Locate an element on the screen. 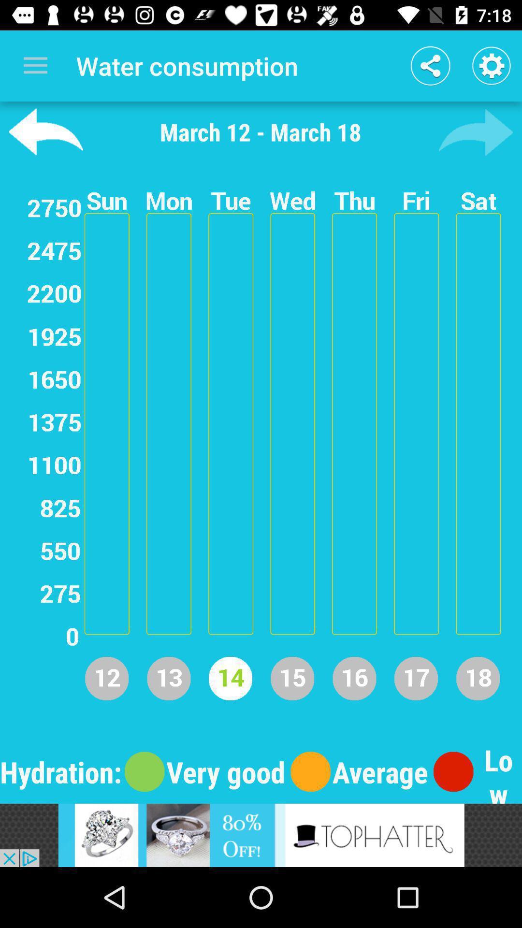 This screenshot has width=522, height=928. banner advertisement is located at coordinates (261, 835).